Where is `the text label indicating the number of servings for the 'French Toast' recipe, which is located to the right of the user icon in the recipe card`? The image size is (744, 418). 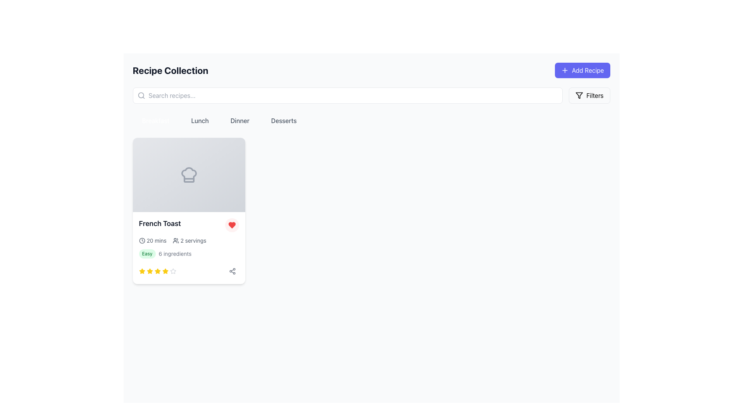 the text label indicating the number of servings for the 'French Toast' recipe, which is located to the right of the user icon in the recipe card is located at coordinates (193, 240).